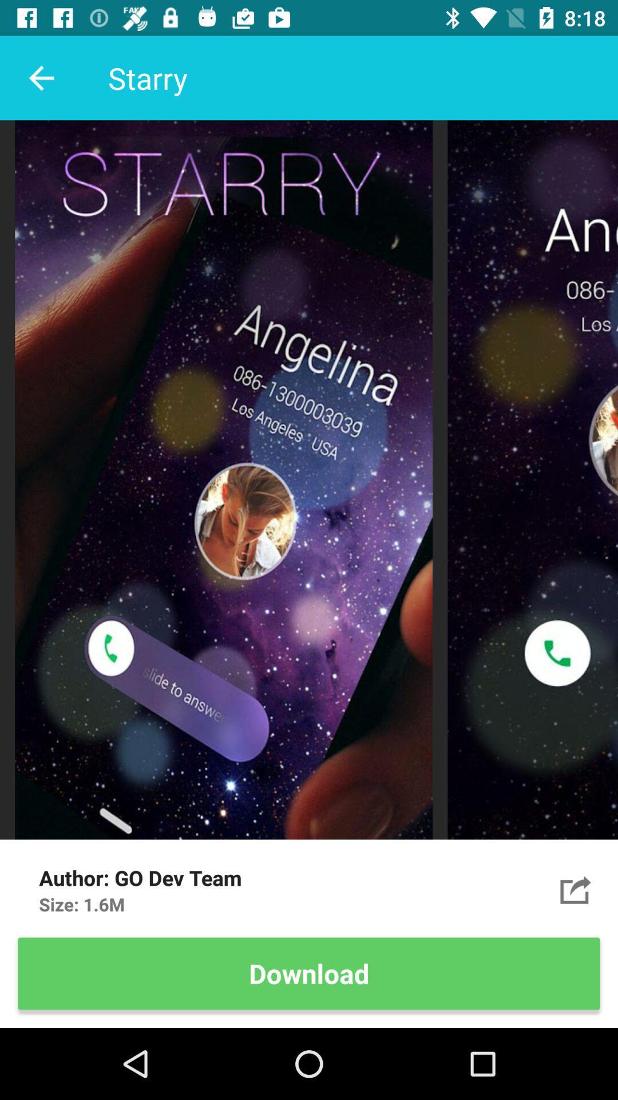 This screenshot has width=618, height=1100. Describe the element at coordinates (576, 889) in the screenshot. I see `forward` at that location.